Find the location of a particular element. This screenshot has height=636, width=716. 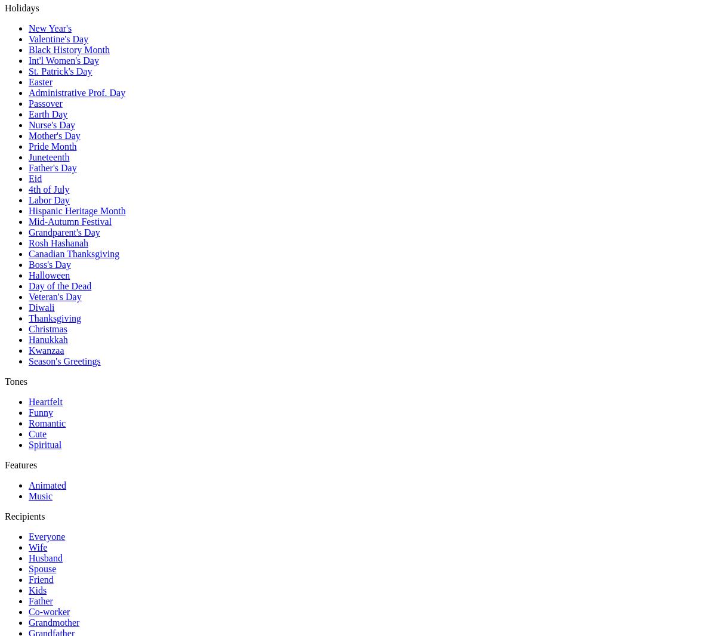

'Animated' is located at coordinates (47, 485).